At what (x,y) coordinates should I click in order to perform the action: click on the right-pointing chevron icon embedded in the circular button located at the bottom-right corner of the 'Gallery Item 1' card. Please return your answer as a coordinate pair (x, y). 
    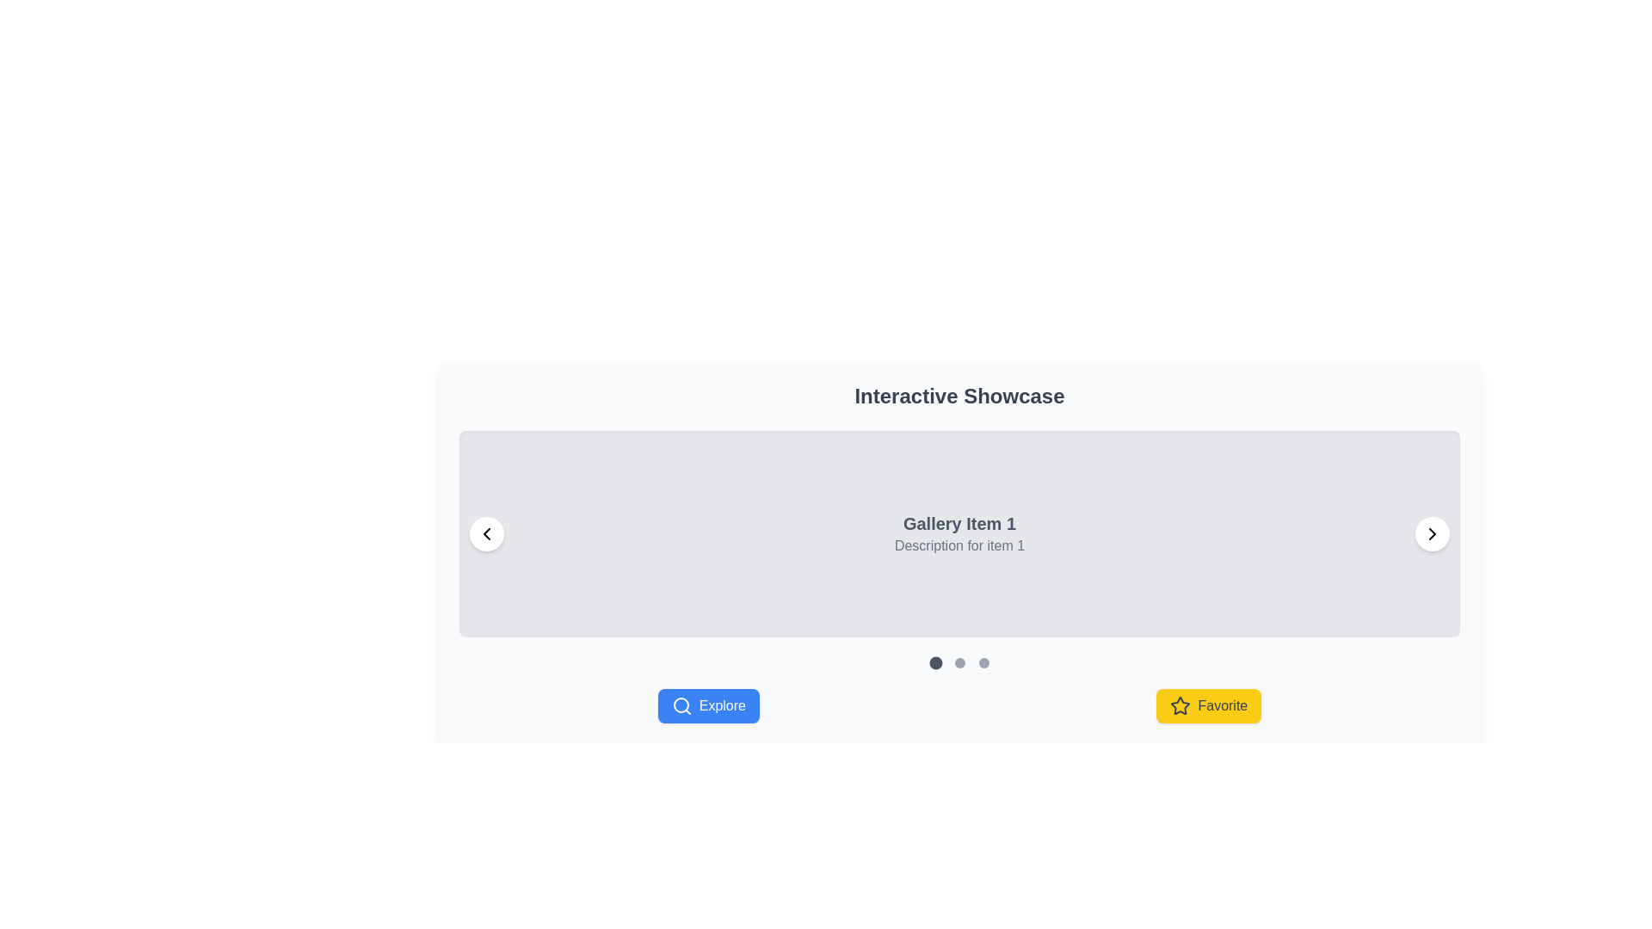
    Looking at the image, I should click on (1433, 533).